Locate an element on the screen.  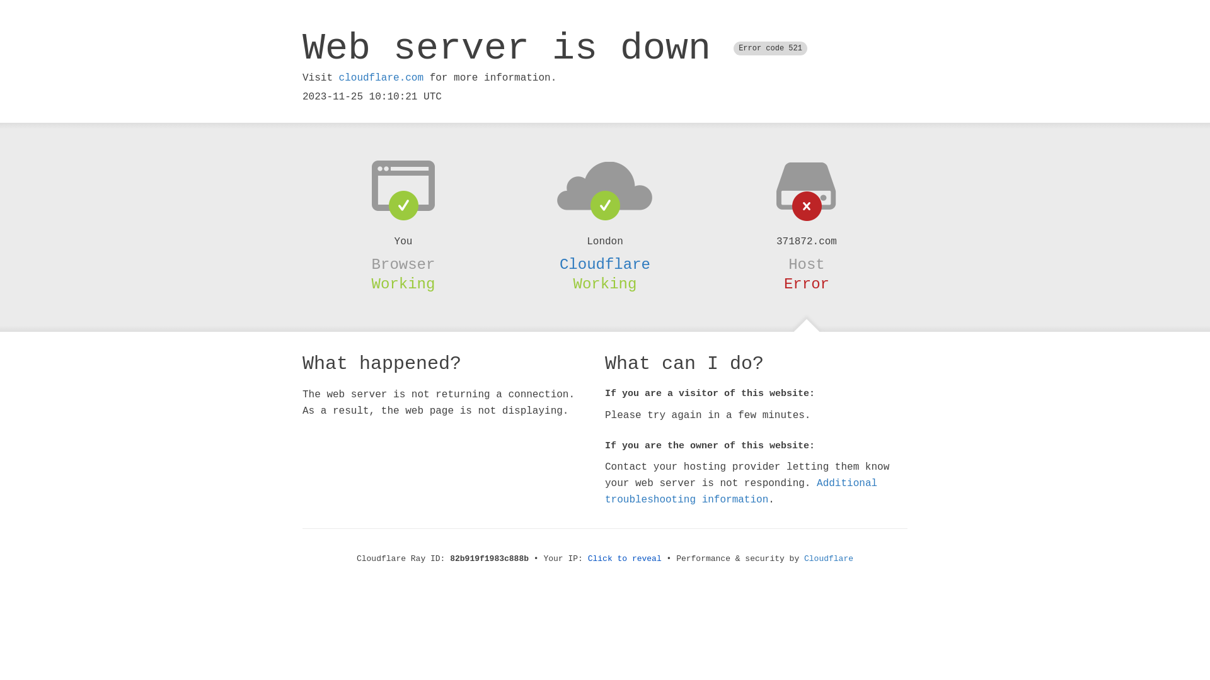
'cloudflare.com' is located at coordinates (338, 77).